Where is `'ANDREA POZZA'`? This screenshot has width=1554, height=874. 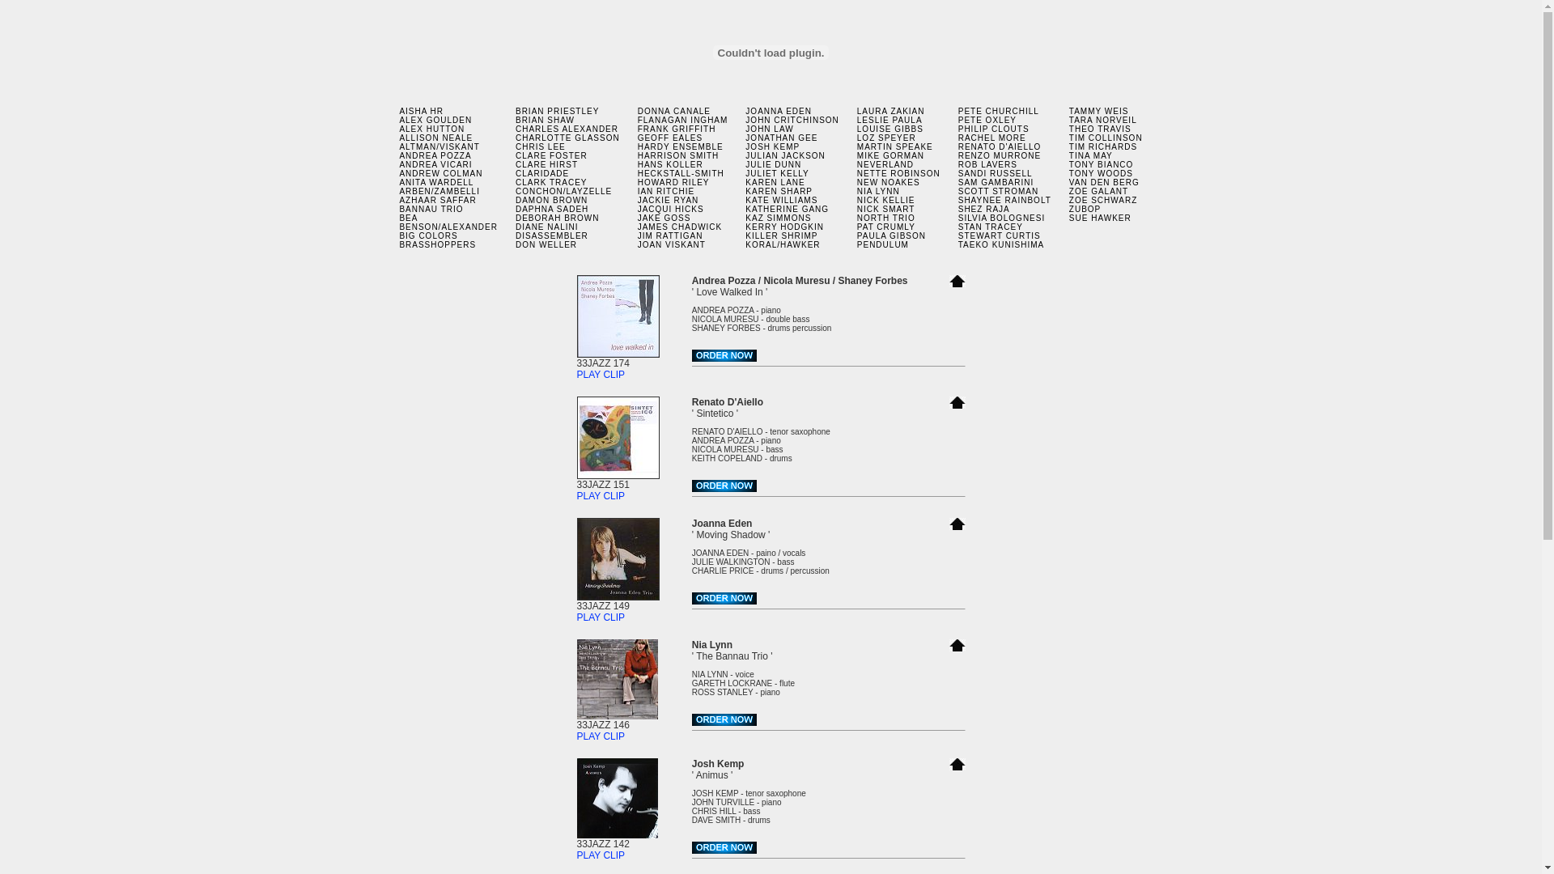 'ANDREA POZZA' is located at coordinates (435, 155).